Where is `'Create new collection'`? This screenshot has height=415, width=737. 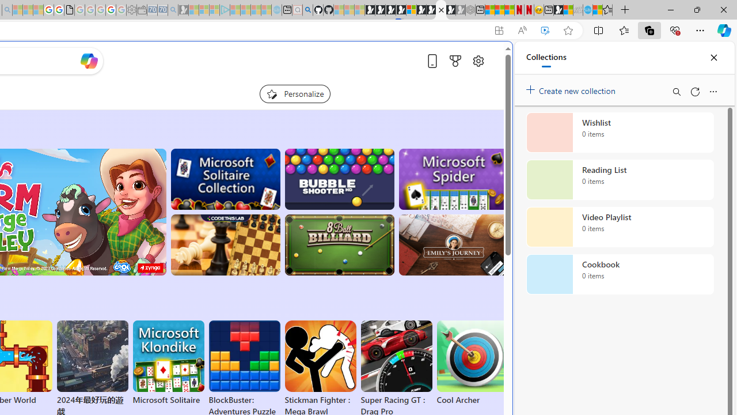 'Create new collection' is located at coordinates (573, 88).